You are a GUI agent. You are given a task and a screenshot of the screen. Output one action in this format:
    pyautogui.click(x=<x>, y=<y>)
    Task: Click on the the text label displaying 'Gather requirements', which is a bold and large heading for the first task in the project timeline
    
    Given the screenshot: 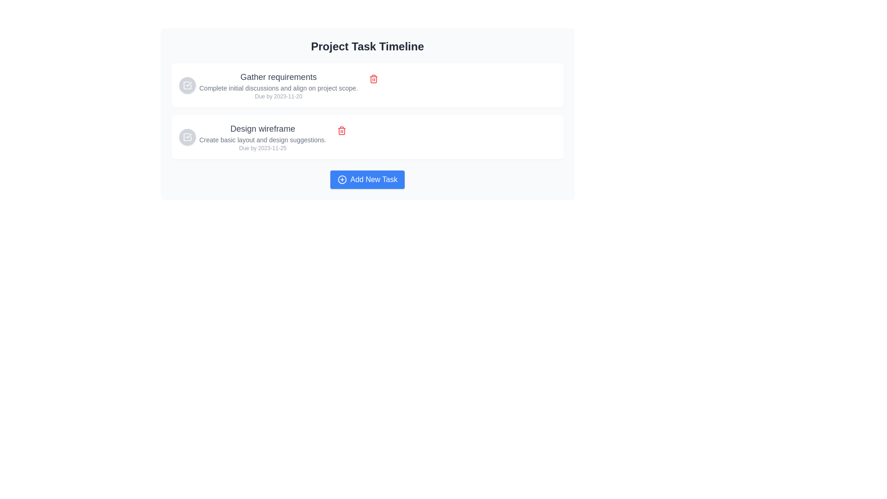 What is the action you would take?
    pyautogui.click(x=278, y=76)
    